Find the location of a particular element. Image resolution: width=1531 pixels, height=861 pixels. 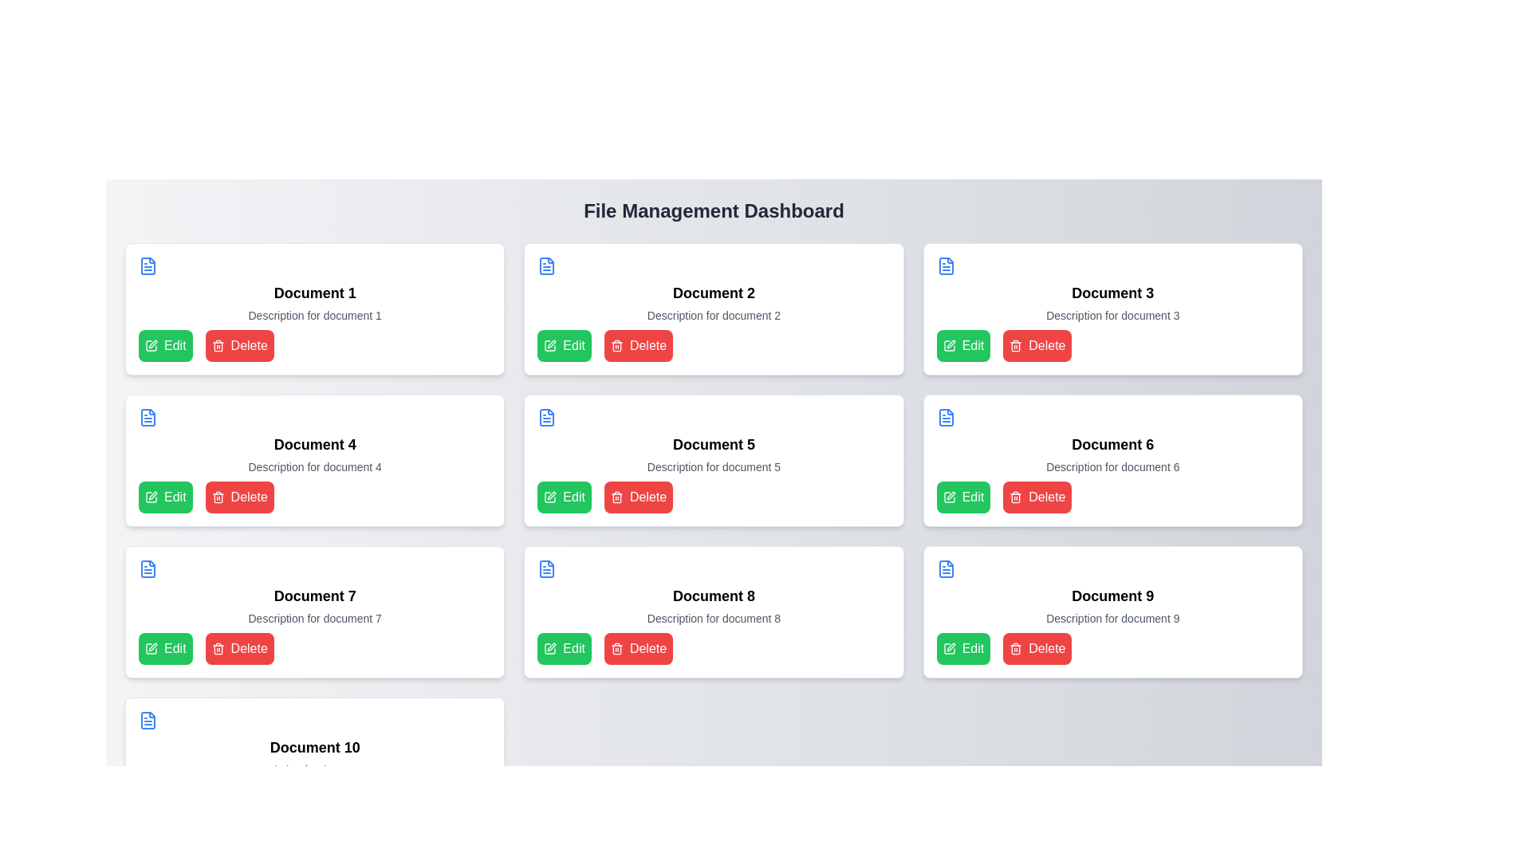

the edit button associated with 'Document 2' is located at coordinates (565, 345).